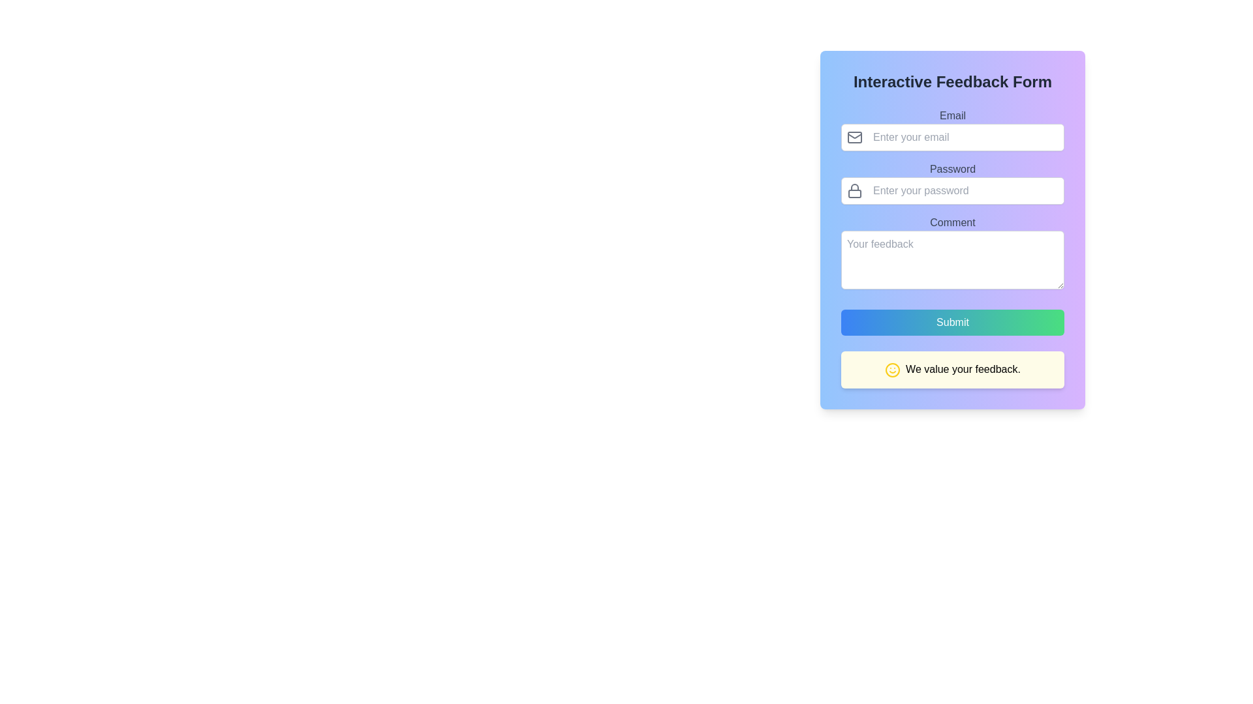 The height and width of the screenshot is (704, 1253). I want to click on the yellow informational banner that contains the text 'We value your feedback.' located below the 'Submit' button, so click(952, 370).